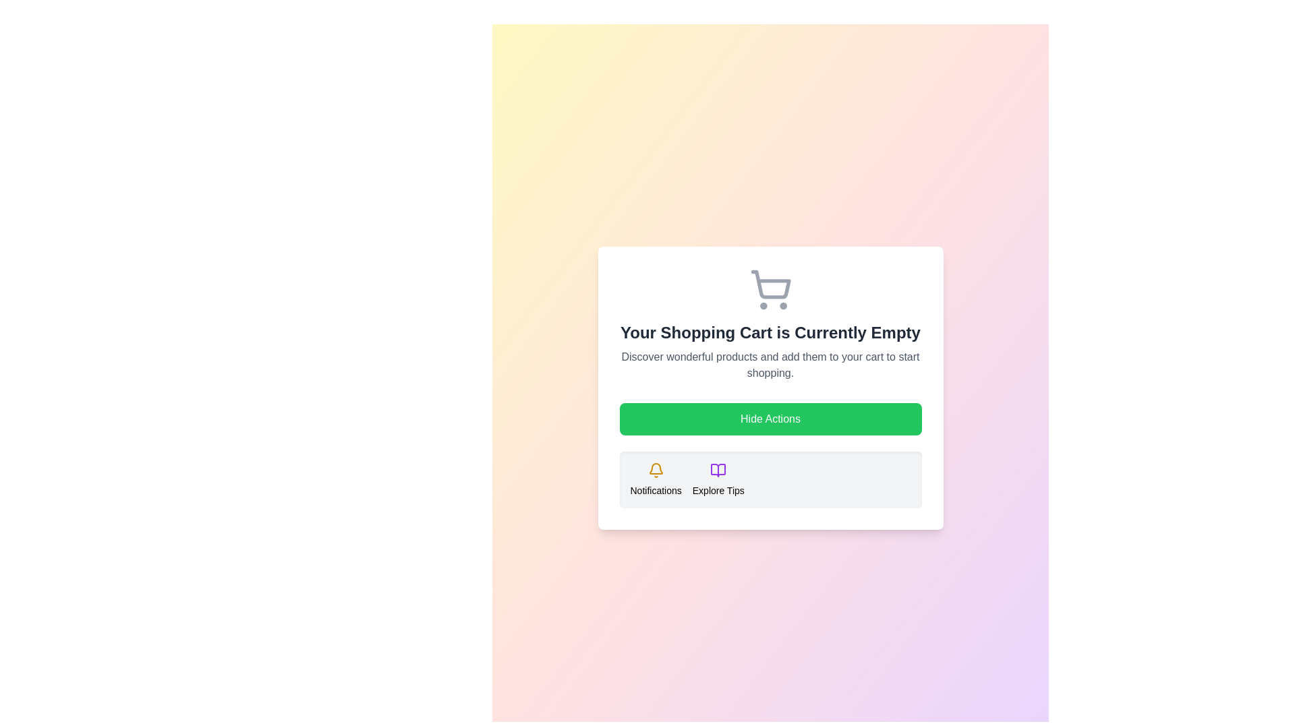 The image size is (1295, 728). Describe the element at coordinates (770, 365) in the screenshot. I see `instructional text label located below the heading 'Your Shopping Cart is Currently Empty' and above the 'Hide Actions' button, which is displayed in a medium-sized gray font` at that location.